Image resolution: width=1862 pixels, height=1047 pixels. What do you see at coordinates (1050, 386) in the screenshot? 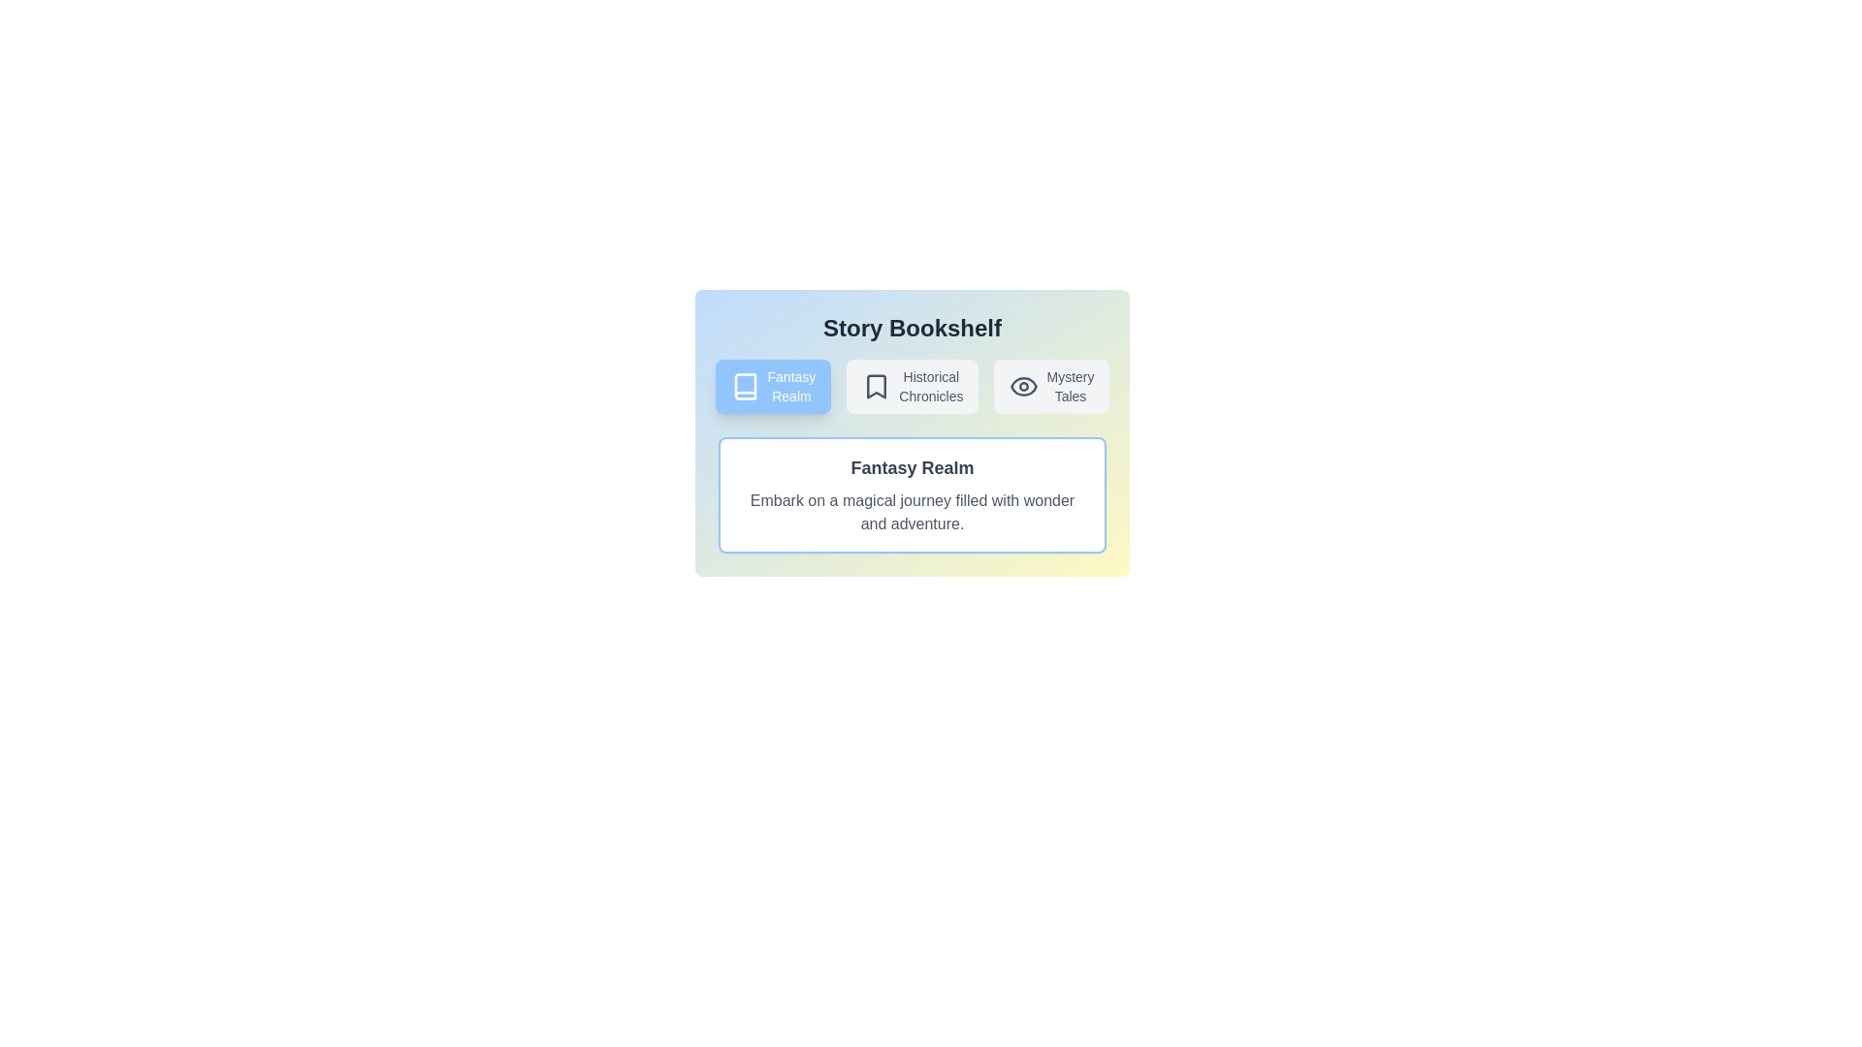
I see `the button corresponding to Mystery Tales to navigate to that story` at bounding box center [1050, 386].